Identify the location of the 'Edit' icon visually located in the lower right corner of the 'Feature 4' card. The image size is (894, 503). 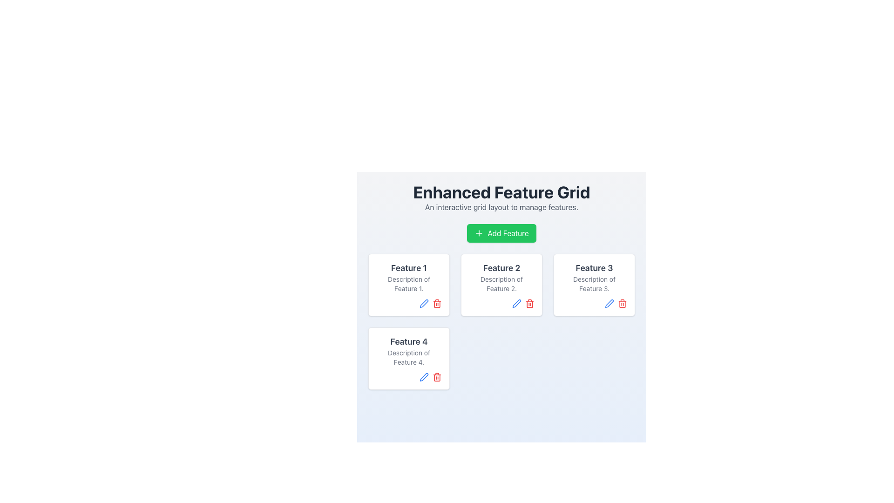
(424, 303).